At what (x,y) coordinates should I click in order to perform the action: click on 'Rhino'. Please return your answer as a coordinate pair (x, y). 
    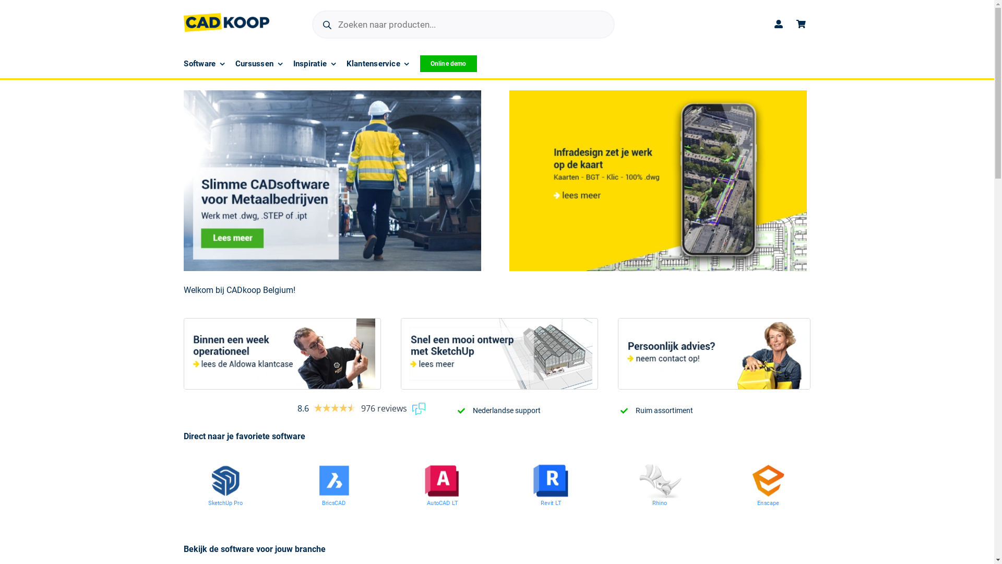
    Looking at the image, I should click on (662, 503).